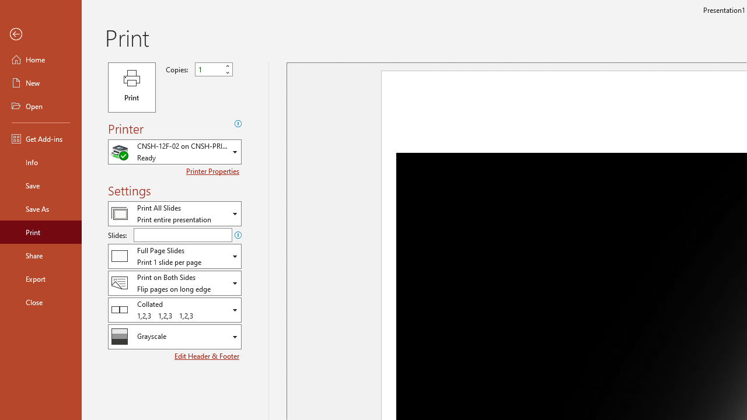 This screenshot has width=747, height=420. I want to click on 'Two-Sided Printing', so click(174, 283).